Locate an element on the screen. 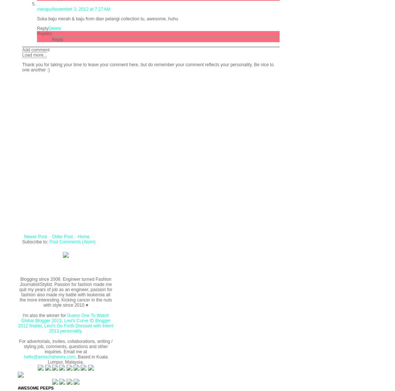 This screenshot has height=391, width=395. 'Replies' is located at coordinates (44, 33).